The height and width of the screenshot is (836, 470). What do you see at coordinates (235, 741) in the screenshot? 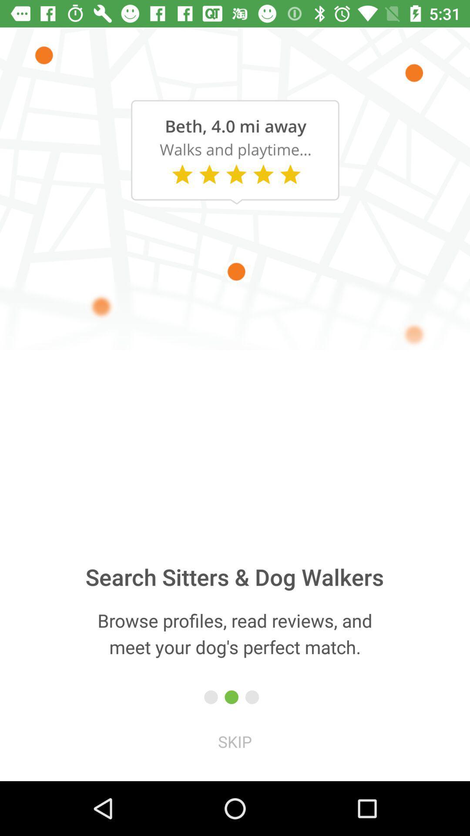
I see `the icon below the browse profiles read icon` at bounding box center [235, 741].